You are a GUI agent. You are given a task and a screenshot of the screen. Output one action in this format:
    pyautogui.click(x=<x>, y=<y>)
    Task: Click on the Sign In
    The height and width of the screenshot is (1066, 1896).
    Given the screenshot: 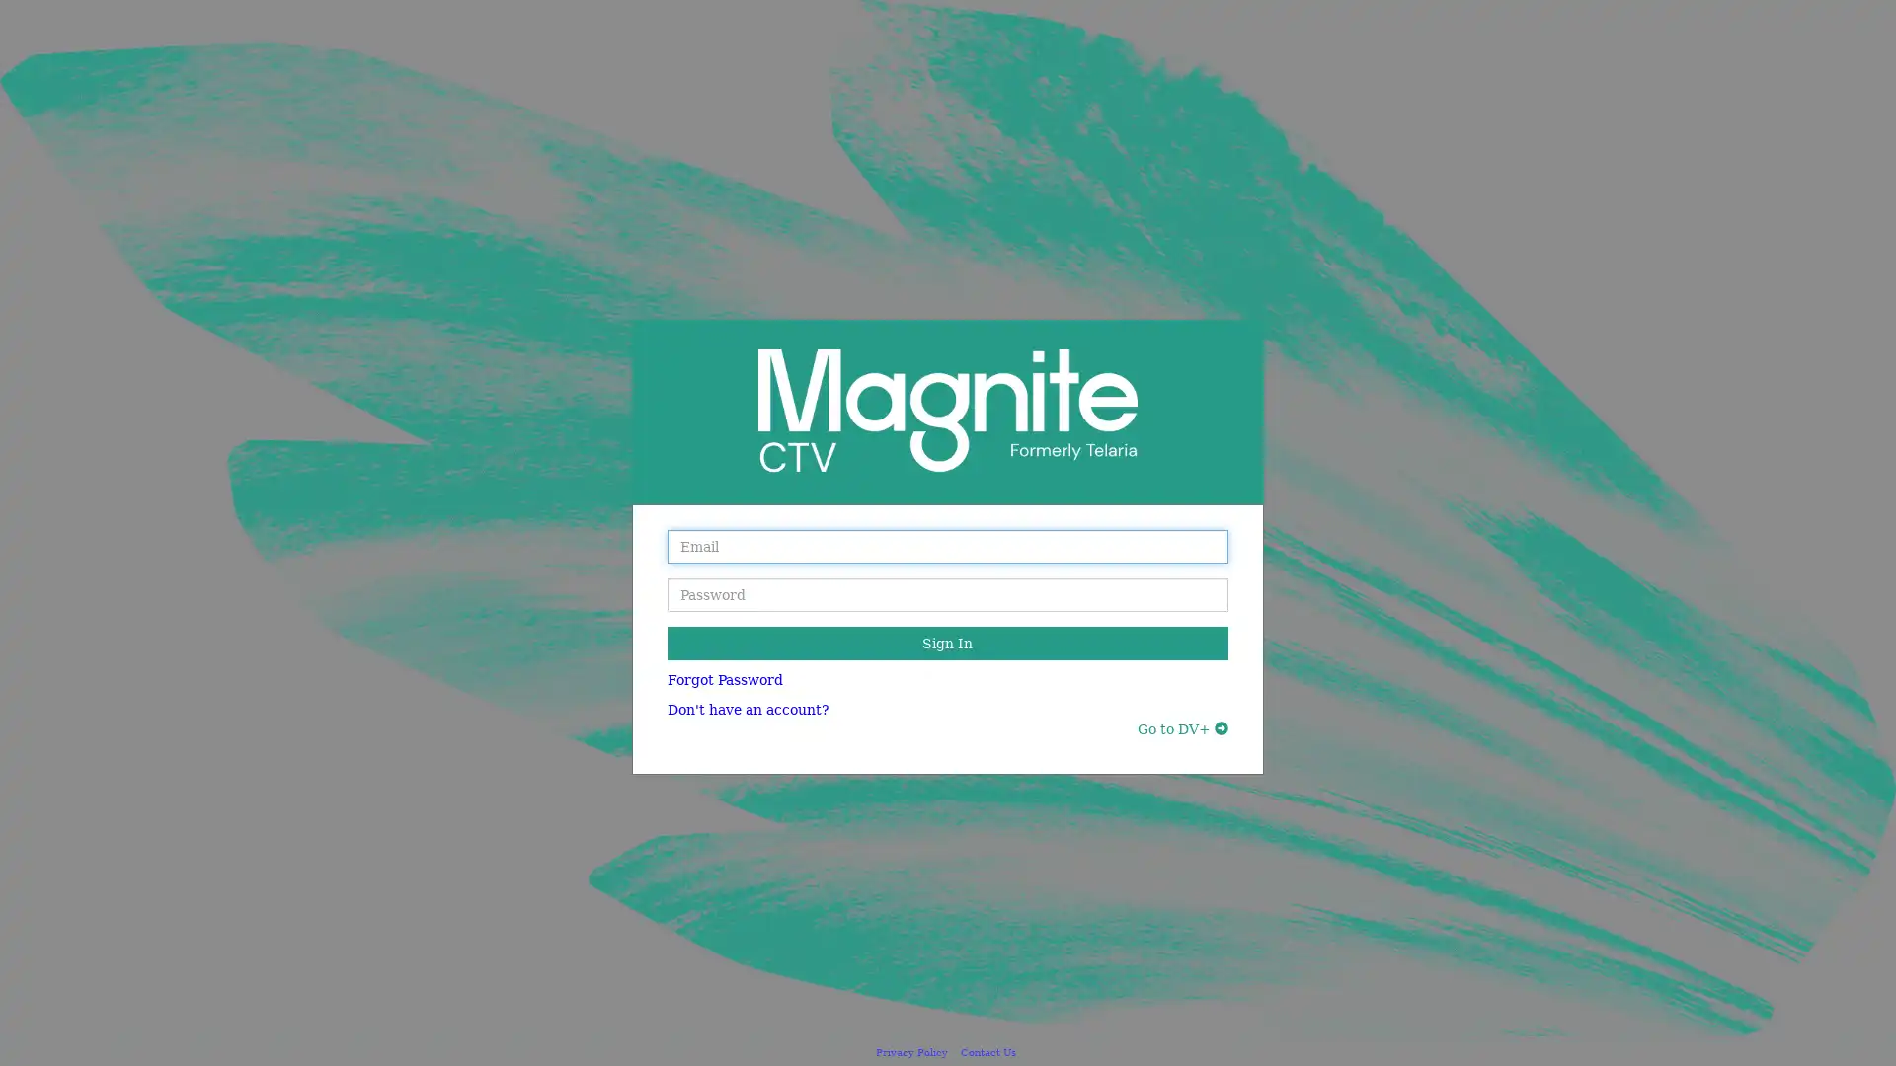 What is the action you would take?
    pyautogui.click(x=946, y=643)
    